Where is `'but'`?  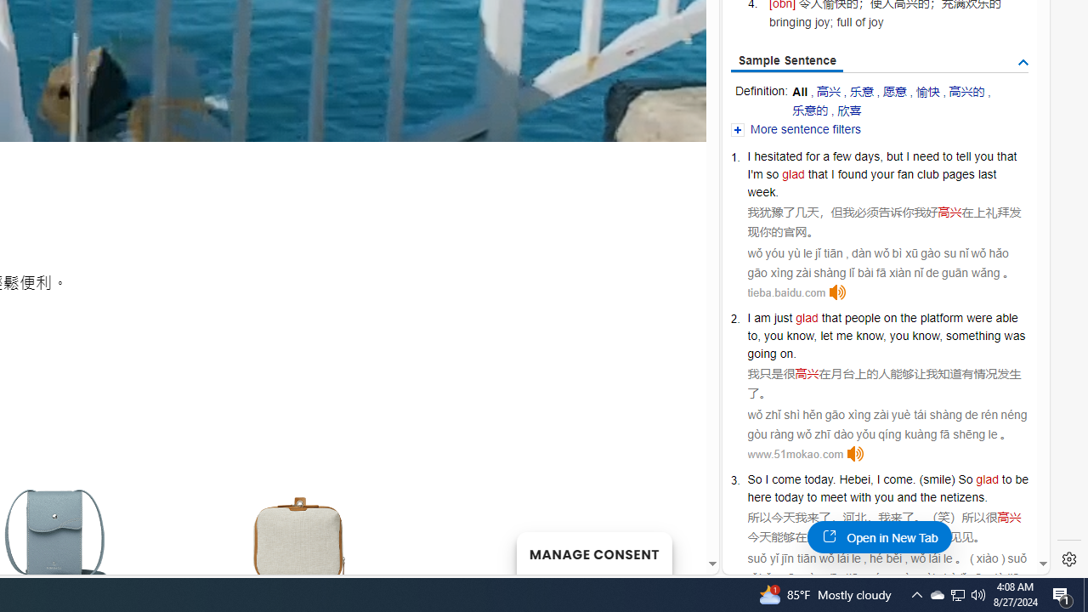
'but' is located at coordinates (893, 156).